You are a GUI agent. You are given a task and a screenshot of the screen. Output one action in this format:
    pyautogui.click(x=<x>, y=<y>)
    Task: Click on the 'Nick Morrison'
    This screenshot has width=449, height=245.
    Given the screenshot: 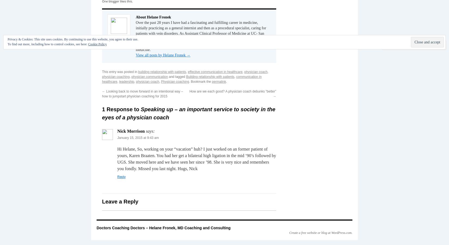 What is the action you would take?
    pyautogui.click(x=130, y=131)
    